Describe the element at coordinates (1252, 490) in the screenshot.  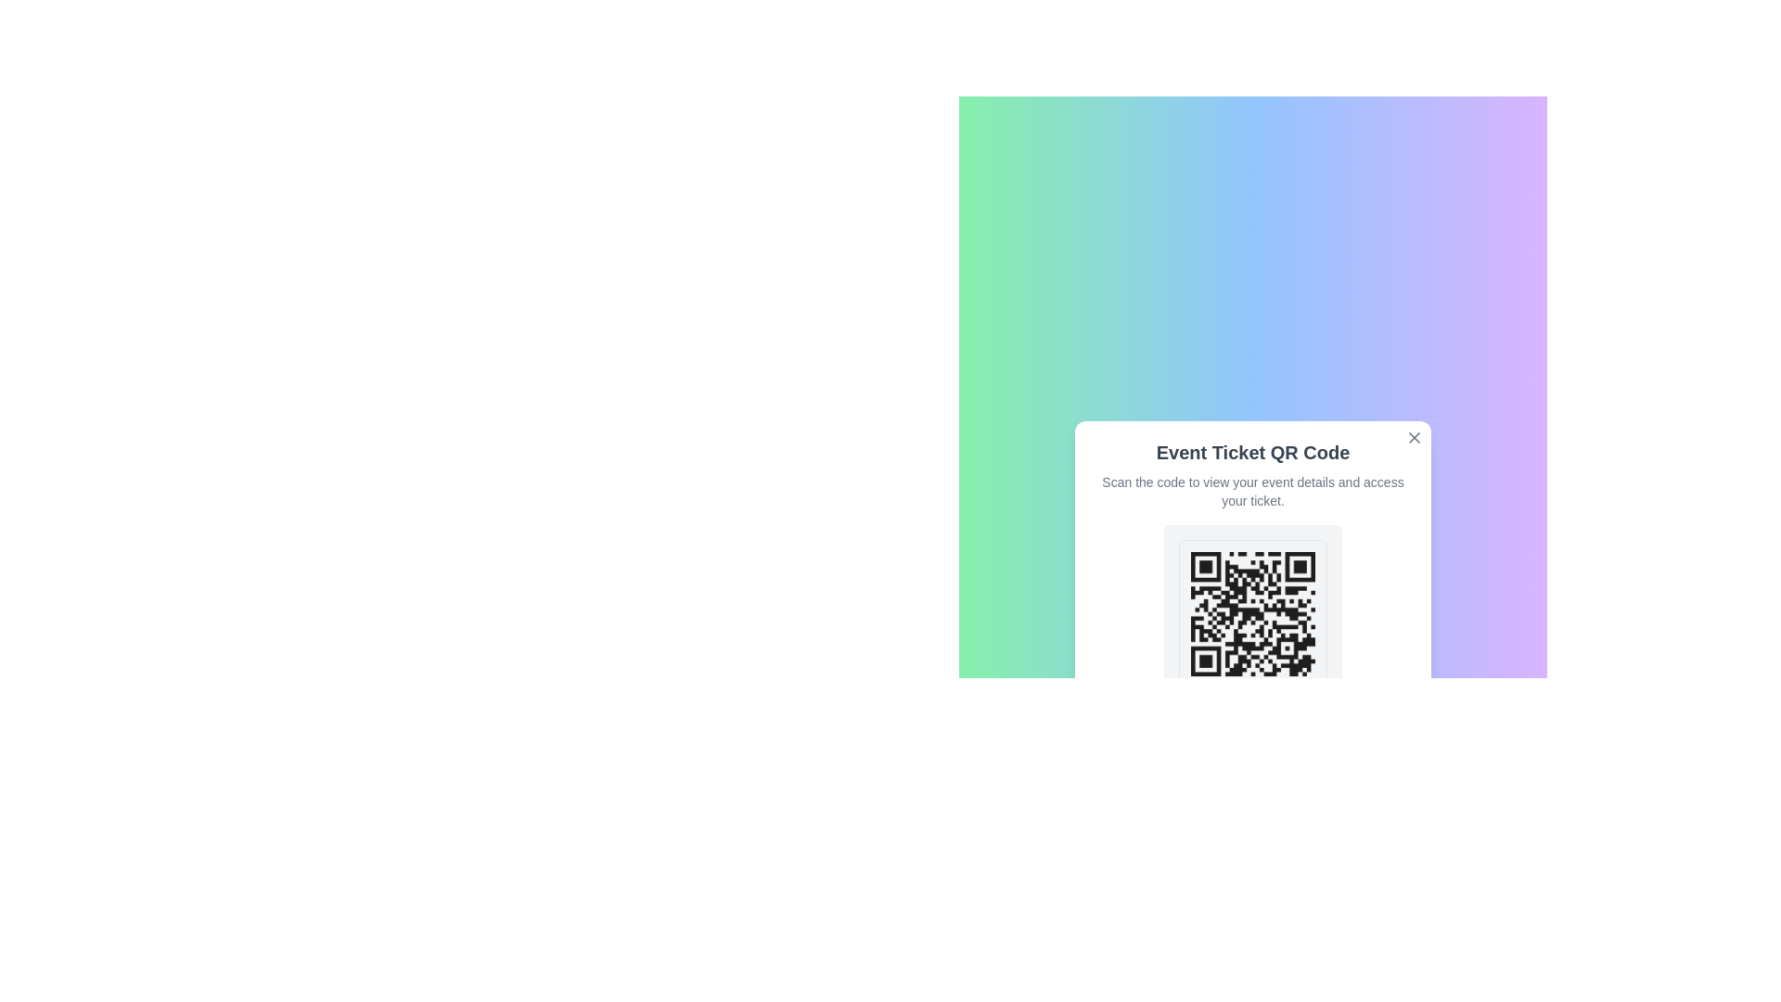
I see `information from the Text label that provides instructions regarding the QR code, located below the header 'Event Ticket QR Code' in a white rounded box` at that location.